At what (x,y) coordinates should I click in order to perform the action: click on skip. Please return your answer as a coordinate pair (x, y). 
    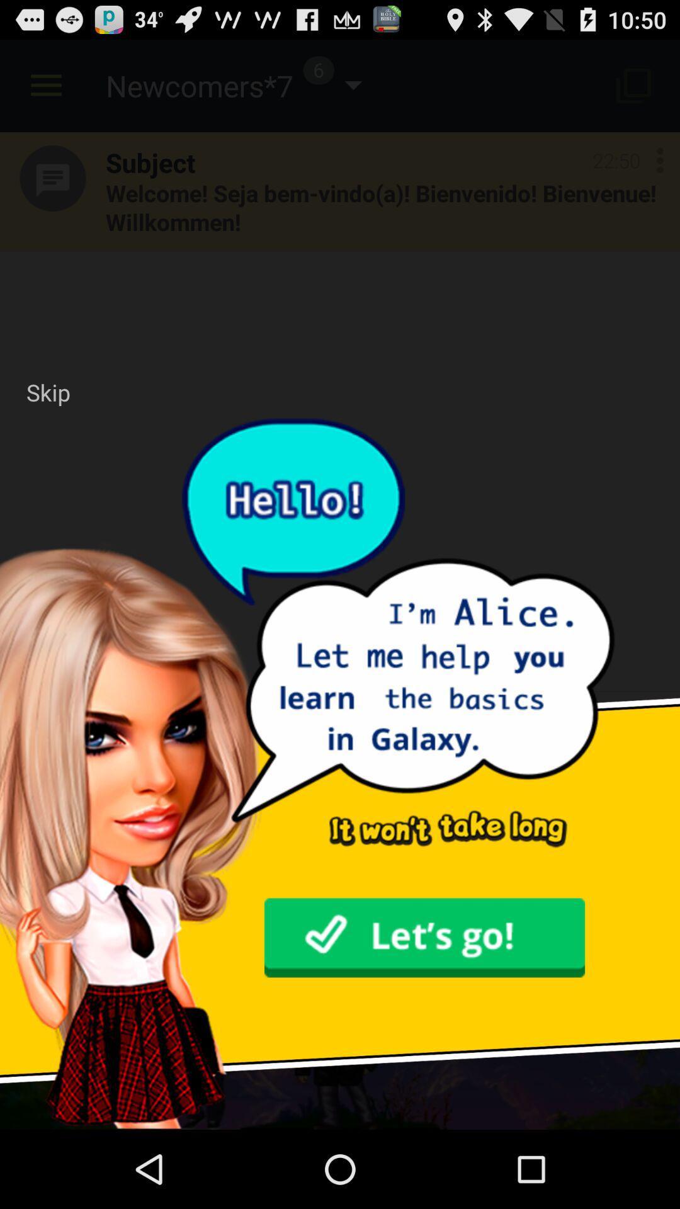
    Looking at the image, I should click on (47, 392).